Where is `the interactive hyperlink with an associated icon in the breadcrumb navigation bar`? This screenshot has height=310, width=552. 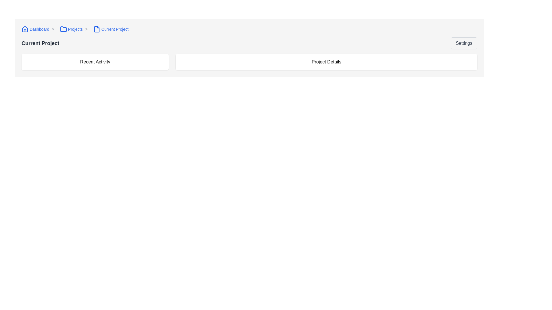 the interactive hyperlink with an associated icon in the breadcrumb navigation bar is located at coordinates (35, 29).